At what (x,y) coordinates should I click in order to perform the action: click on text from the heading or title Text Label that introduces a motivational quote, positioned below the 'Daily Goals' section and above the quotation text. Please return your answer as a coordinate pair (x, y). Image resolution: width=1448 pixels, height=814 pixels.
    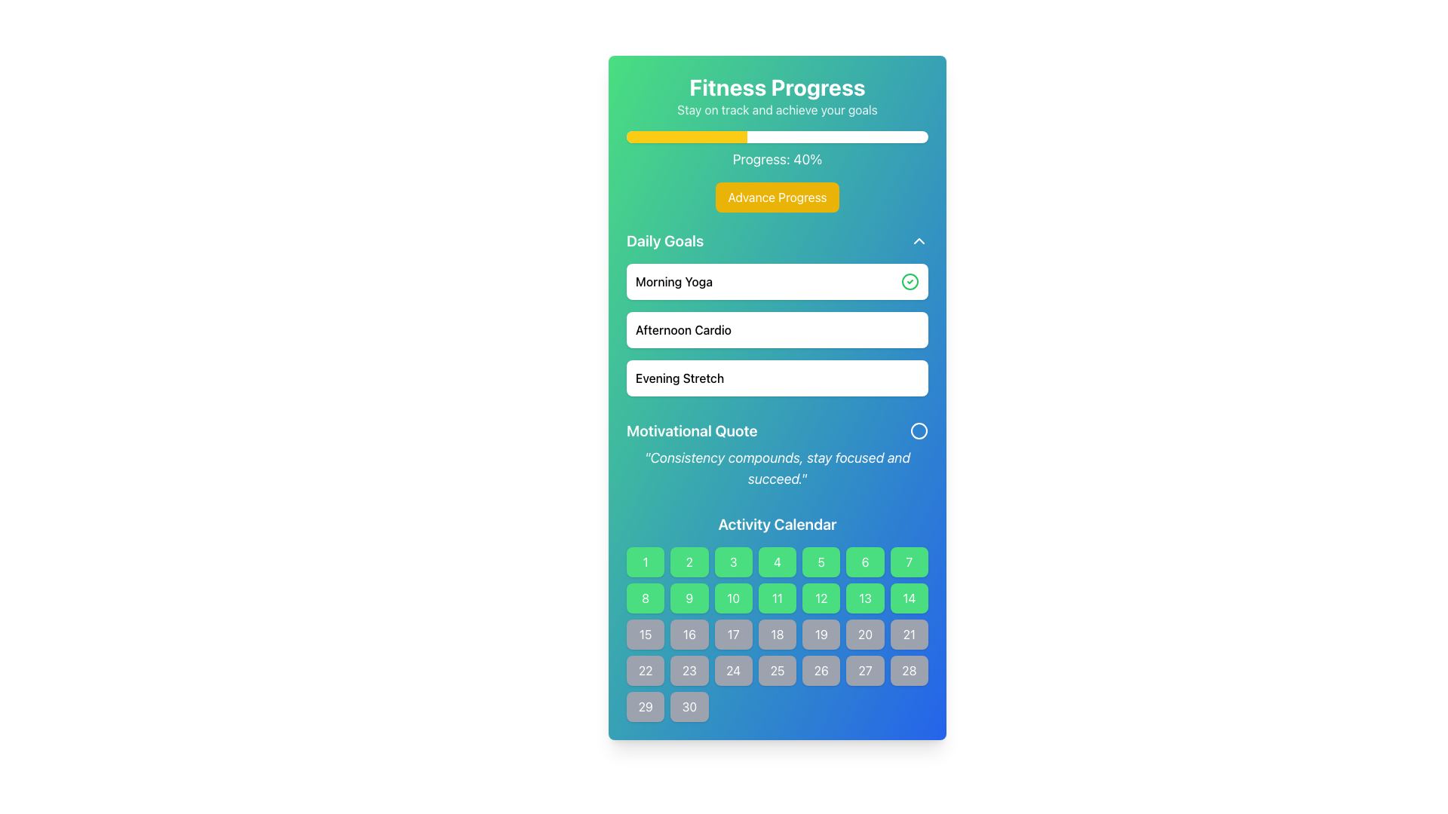
    Looking at the image, I should click on (691, 430).